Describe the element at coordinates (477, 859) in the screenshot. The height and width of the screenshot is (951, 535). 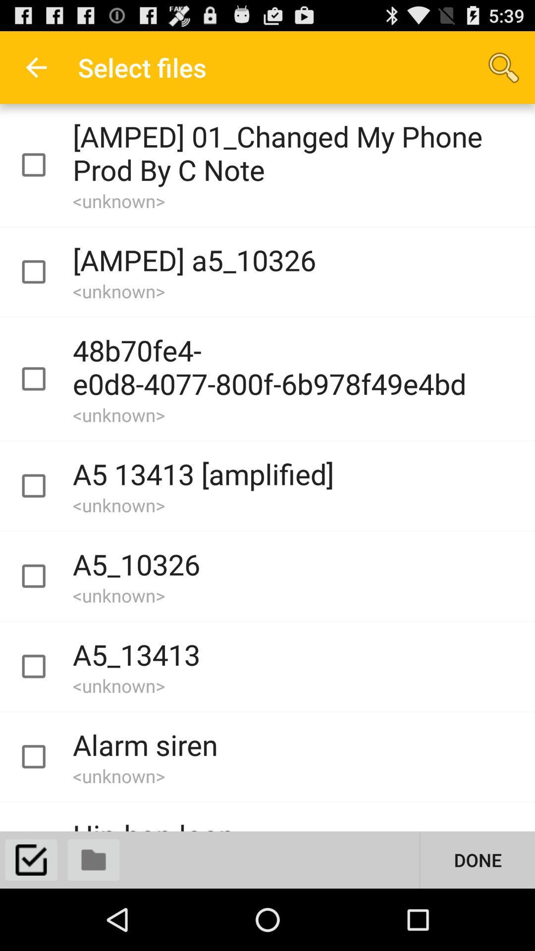
I see `the app below the 48b70fe4 e0d8 4077 icon` at that location.